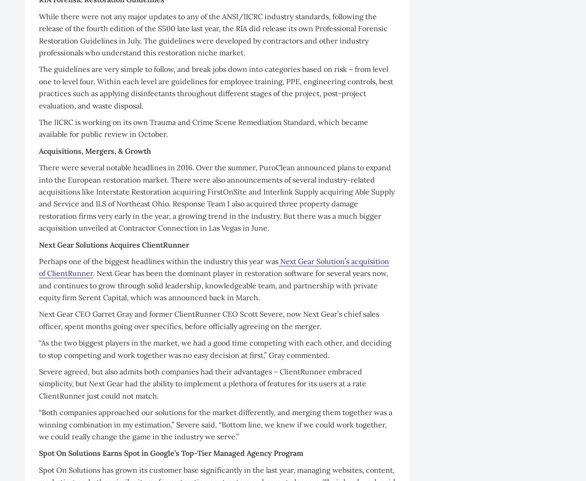  Describe the element at coordinates (208, 319) in the screenshot. I see `'Next Gear CEO Garret Gray and former ClientRunner CEO Scott Severe, now Next Gear’s chief sales officer, spent months going over specifics, before officially agreeing on the merger.'` at that location.